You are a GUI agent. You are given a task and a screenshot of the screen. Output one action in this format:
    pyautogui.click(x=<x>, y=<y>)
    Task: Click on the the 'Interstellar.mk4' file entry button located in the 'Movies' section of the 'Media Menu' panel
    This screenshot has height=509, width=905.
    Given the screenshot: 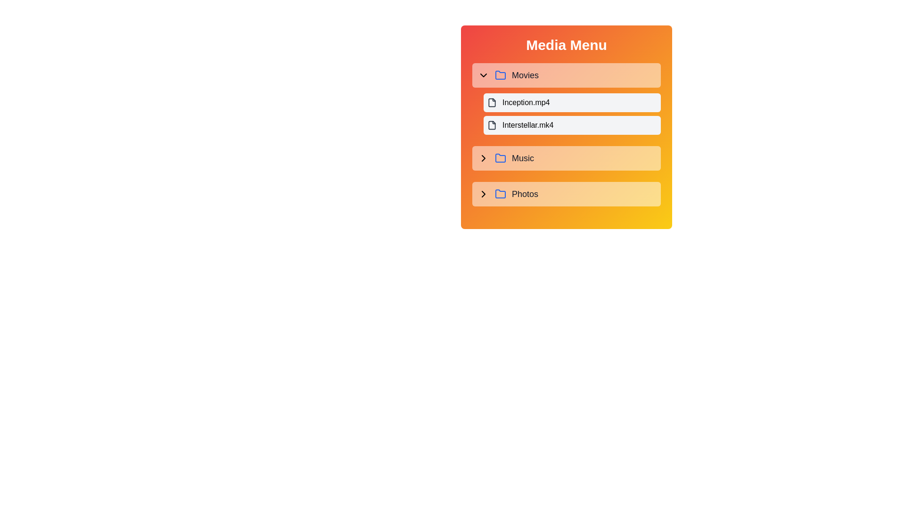 What is the action you would take?
    pyautogui.click(x=566, y=134)
    